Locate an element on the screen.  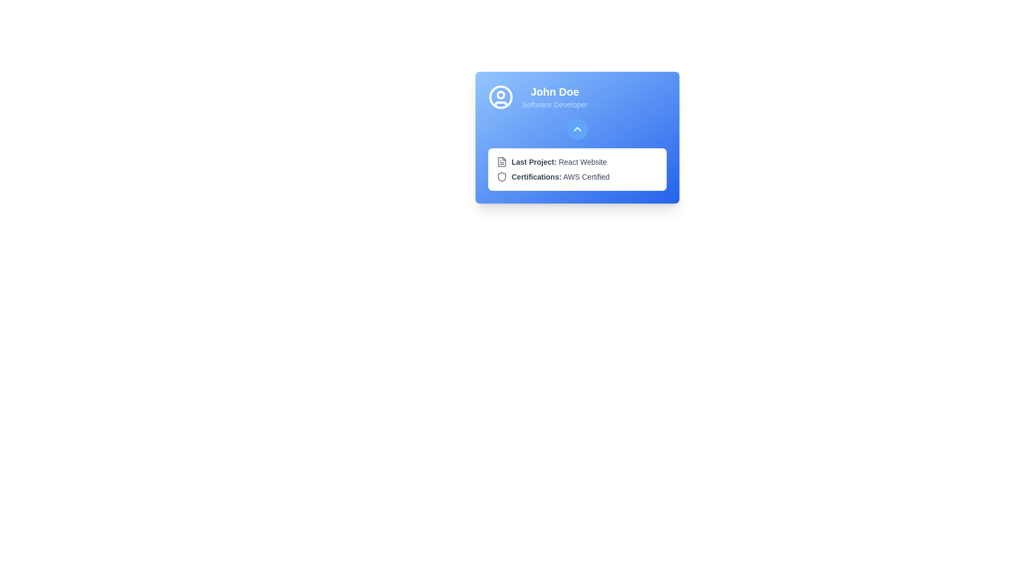
the Chevron Up icon located in the center of its blue circular button within the profile card is located at coordinates (576, 129).